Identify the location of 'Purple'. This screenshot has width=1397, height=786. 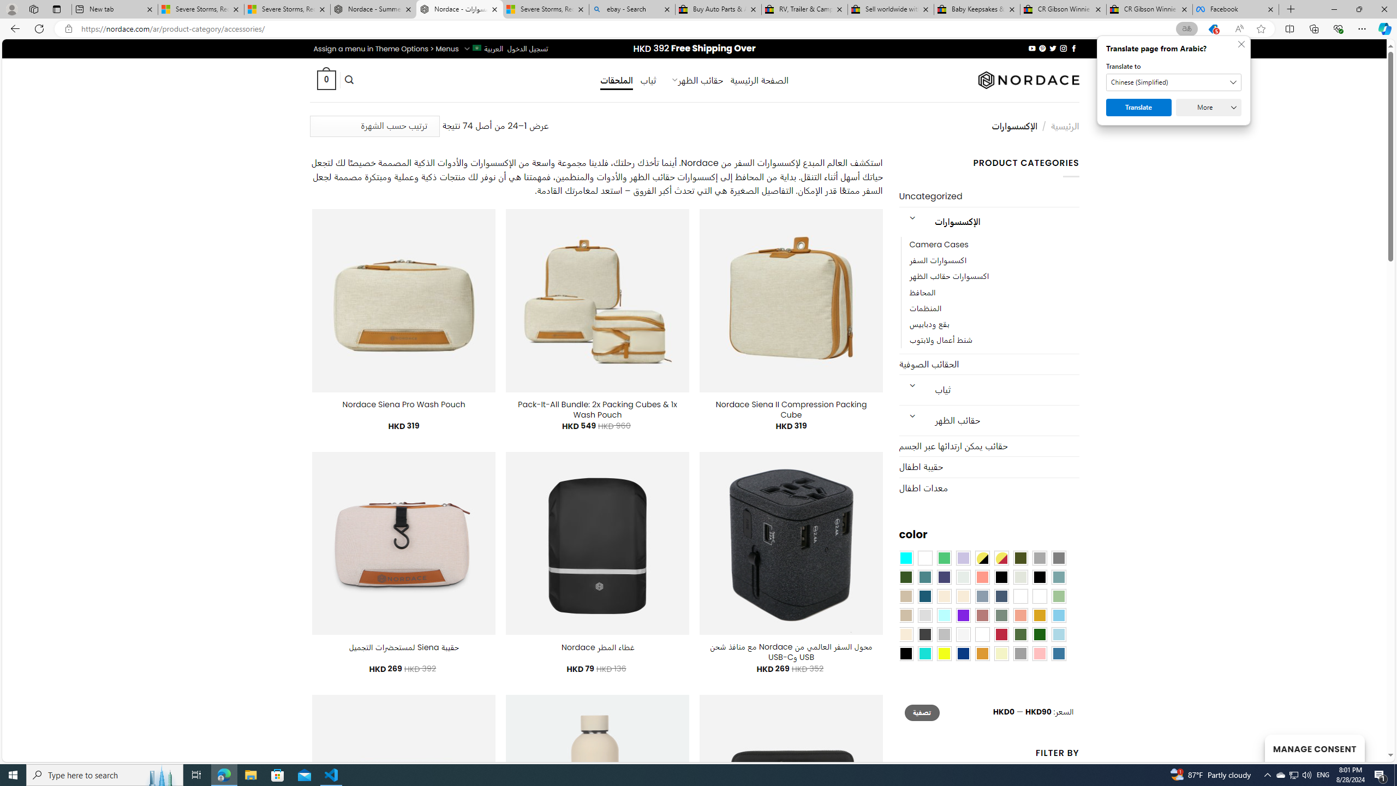
(963, 615).